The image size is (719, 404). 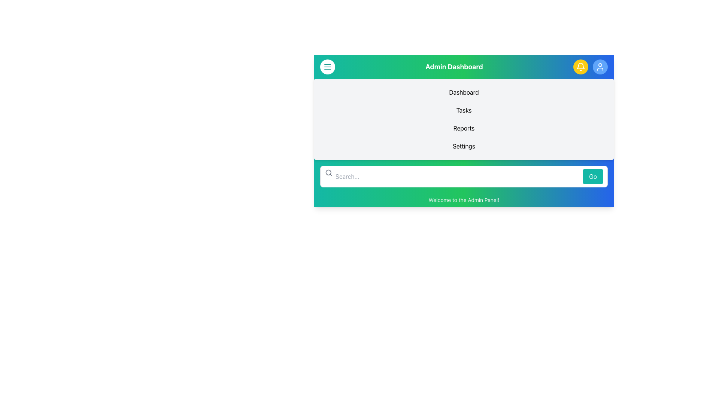 What do you see at coordinates (463, 92) in the screenshot?
I see `the navigation link labeled 'Dashboard' at the top of the vertical menu under the 'Admin Dashboard' header` at bounding box center [463, 92].